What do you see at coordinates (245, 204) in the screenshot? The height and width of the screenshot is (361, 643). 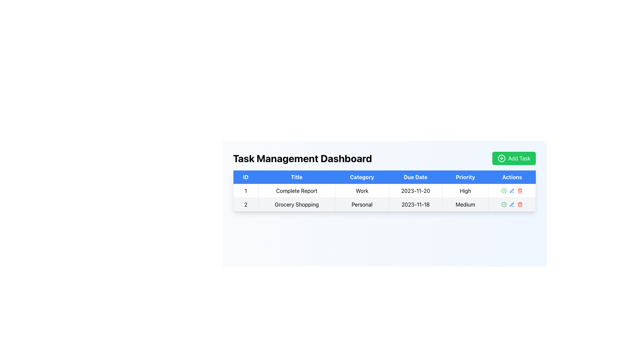 I see `the table cell displaying the text '2' located in the second row under the 'ID' column` at bounding box center [245, 204].